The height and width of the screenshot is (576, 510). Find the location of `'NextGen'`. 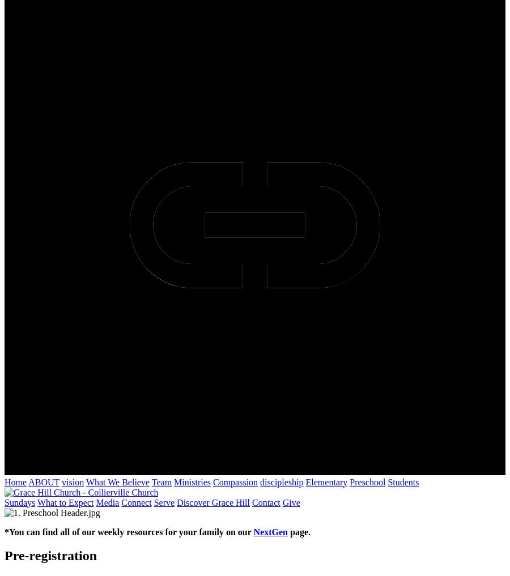

'NextGen' is located at coordinates (270, 531).